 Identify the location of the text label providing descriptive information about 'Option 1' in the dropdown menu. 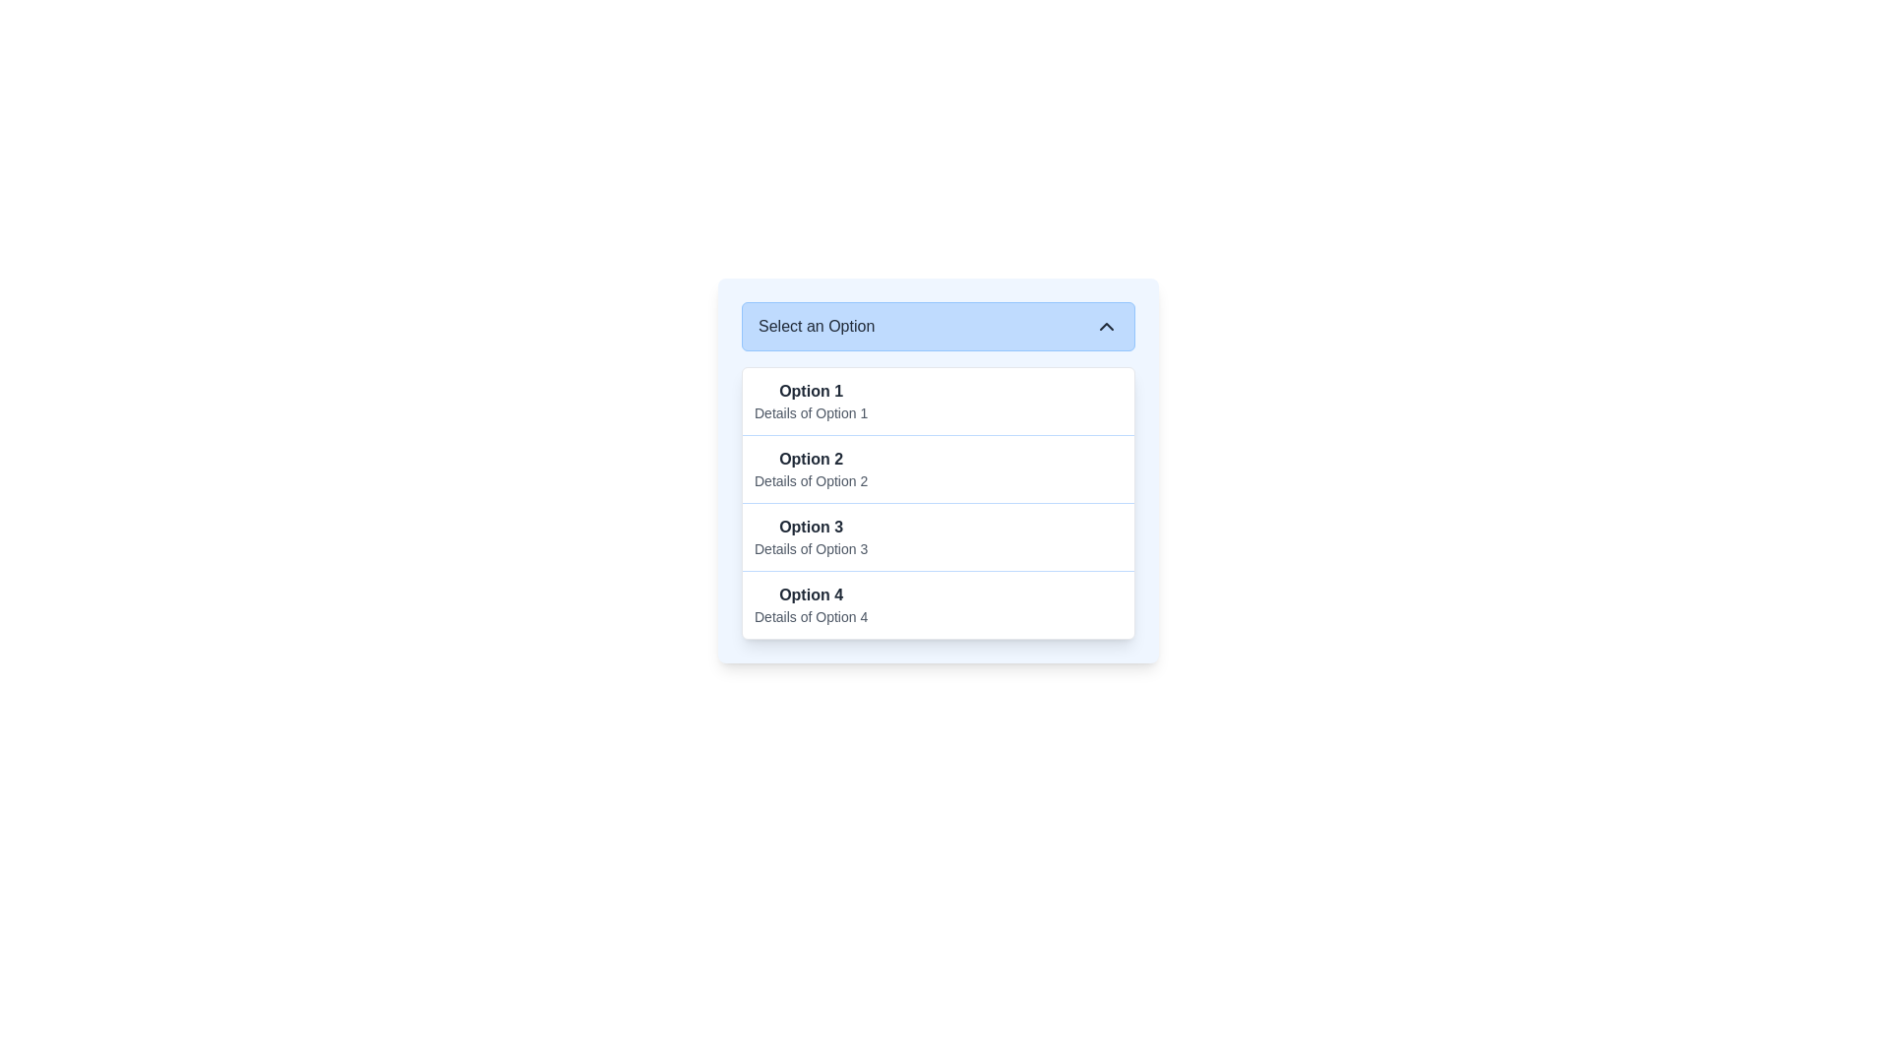
(811, 412).